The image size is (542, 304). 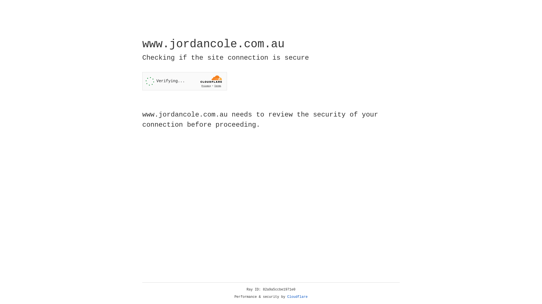 I want to click on 'Cloudflare', so click(x=297, y=297).